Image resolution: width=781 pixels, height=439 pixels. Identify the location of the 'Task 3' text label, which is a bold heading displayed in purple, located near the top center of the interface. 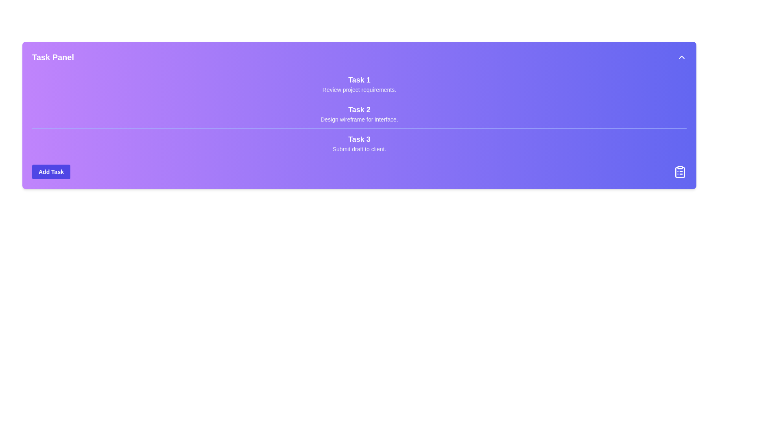
(359, 139).